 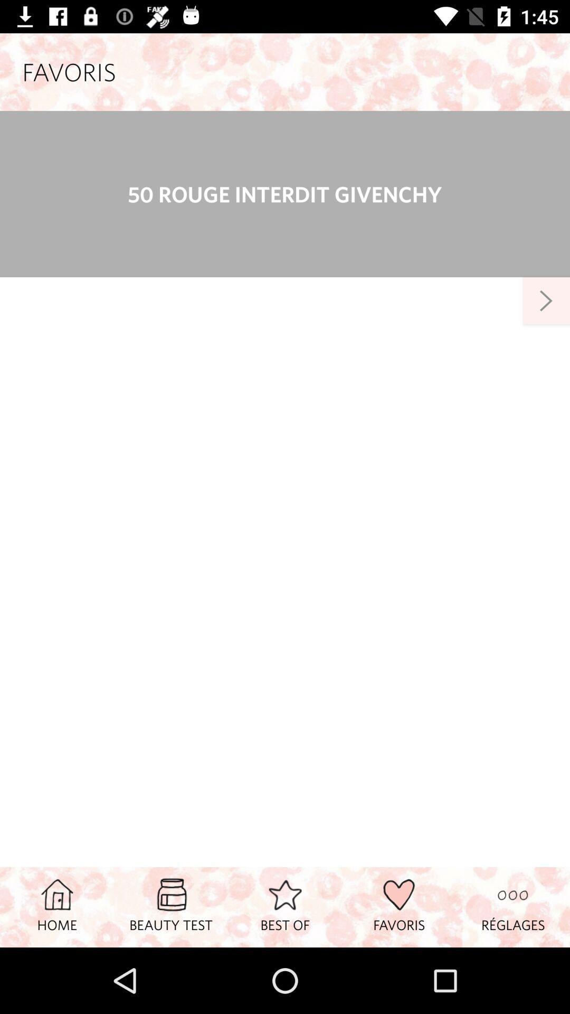 What do you see at coordinates (285, 906) in the screenshot?
I see `item to the right of beauty test` at bounding box center [285, 906].